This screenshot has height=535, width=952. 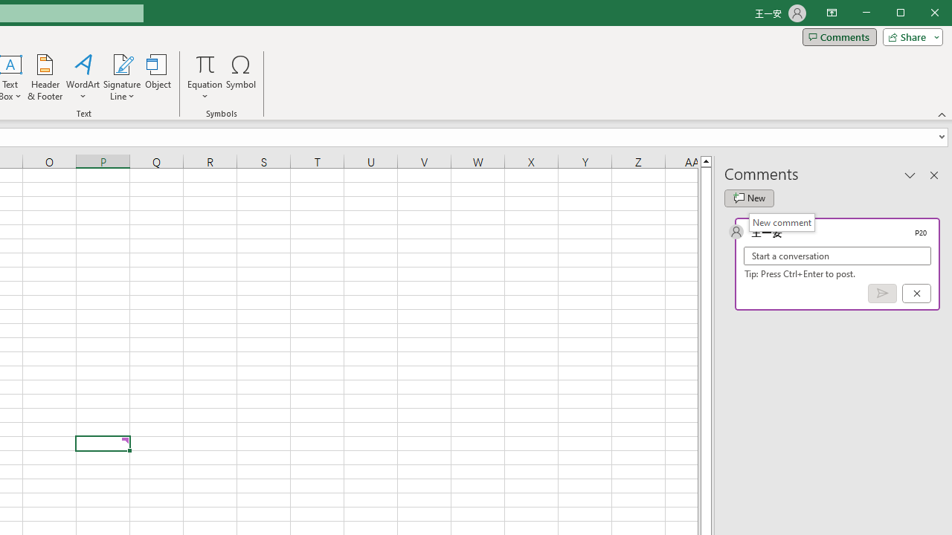 I want to click on 'Equation', so click(x=204, y=63).